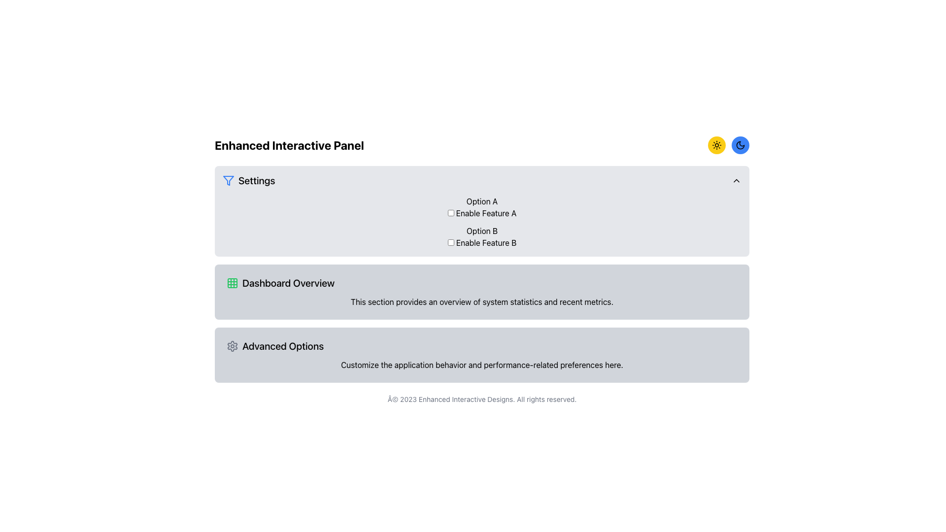  I want to click on the copyright notice text located at the bottom of the interface, centered horizontally below all other sections including 'Advanced Options', so click(482, 399).